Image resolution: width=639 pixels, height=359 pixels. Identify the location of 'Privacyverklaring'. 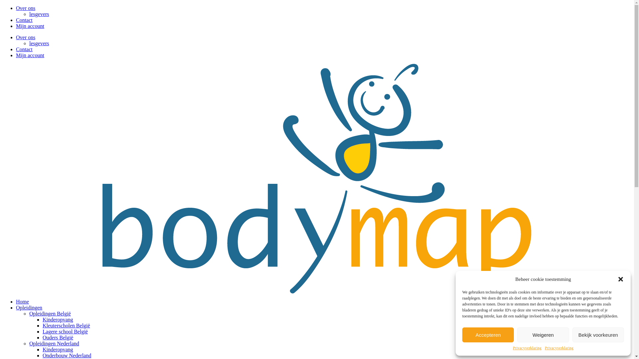
(527, 348).